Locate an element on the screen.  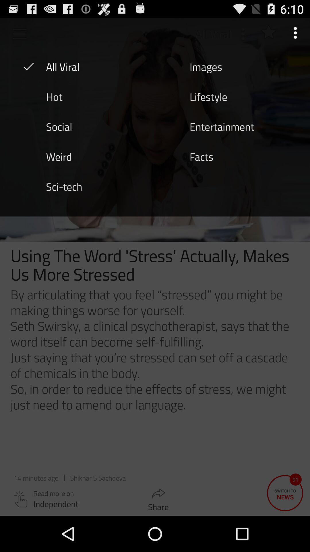
the icon above the weird icon is located at coordinates (59, 126).